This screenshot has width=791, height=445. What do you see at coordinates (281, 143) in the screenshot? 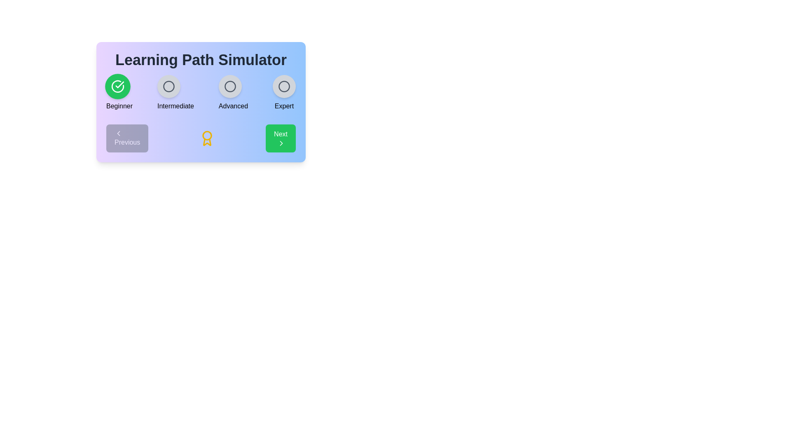
I see `the chevron icon pointing to the right inside the green 'Next' button, which serves as a forward navigation control` at bounding box center [281, 143].